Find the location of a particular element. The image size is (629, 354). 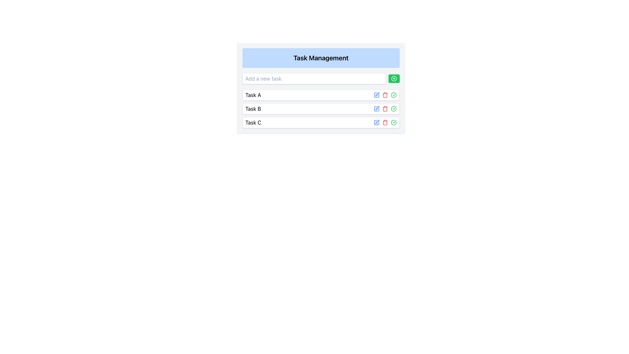

the green circular icon button with a checkmark in the center, located in the rightmost position of the last row under the 'Task Management' heading, to mark 'Task C' as complete is located at coordinates (393, 108).